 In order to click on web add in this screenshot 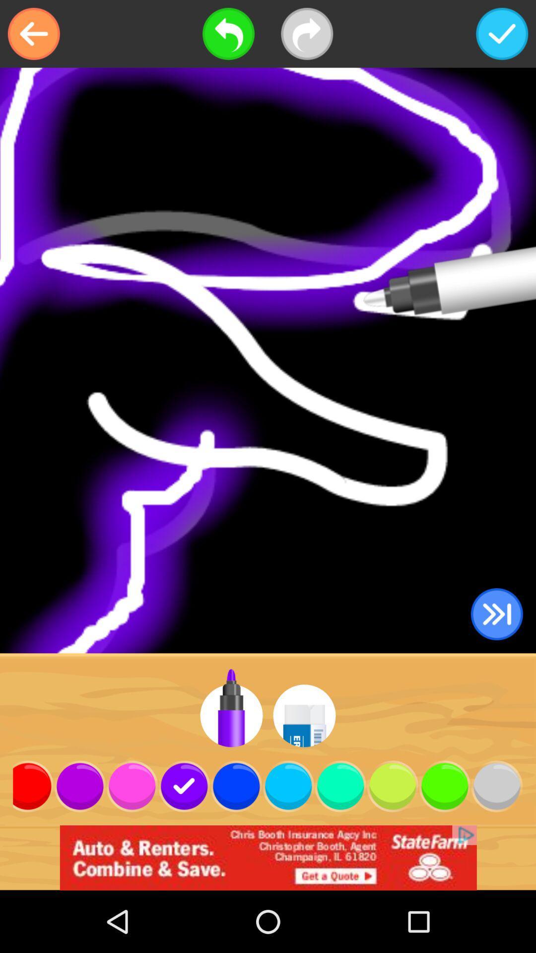, I will do `click(268, 857)`.